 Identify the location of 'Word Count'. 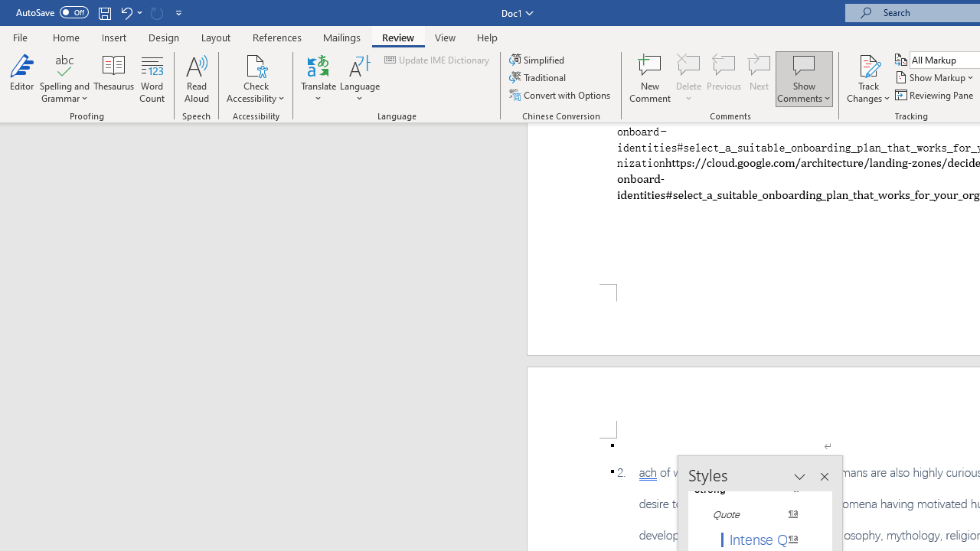
(152, 79).